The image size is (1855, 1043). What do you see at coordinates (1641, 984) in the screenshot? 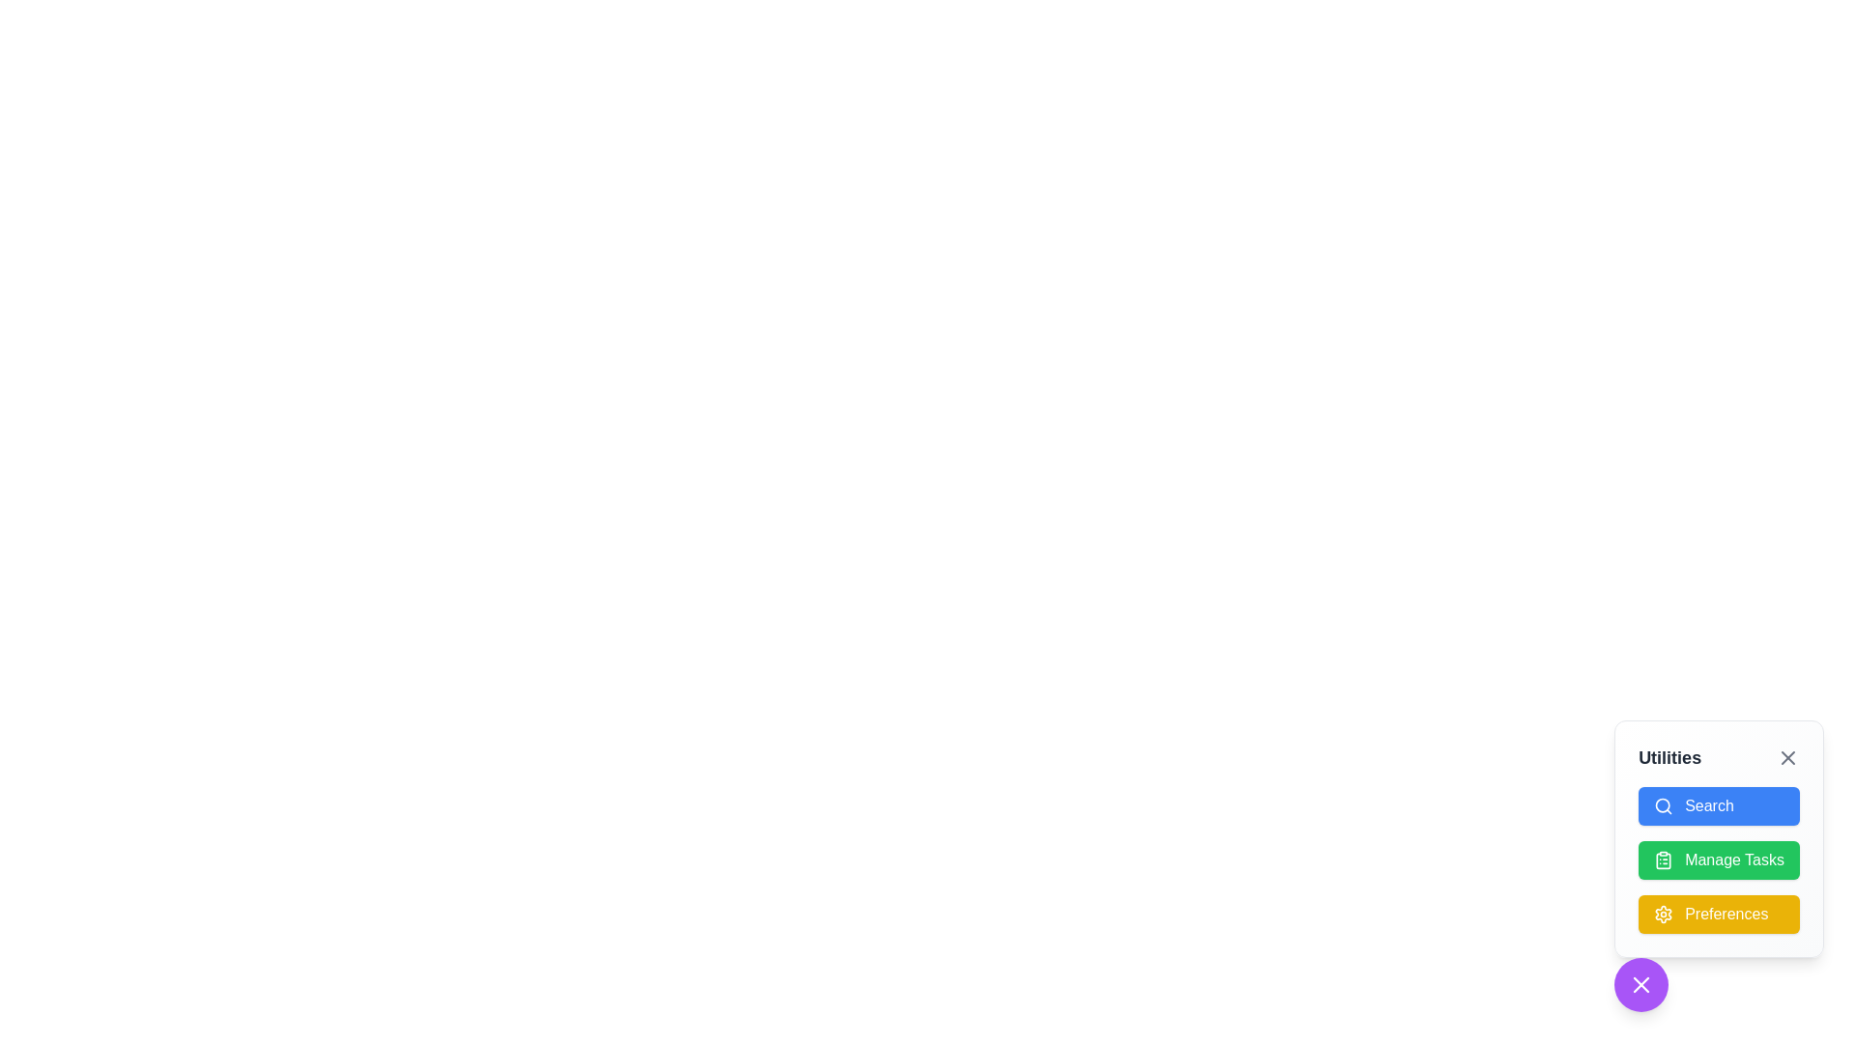
I see `the 'X' icon button inside the circular purple button located in the bottom-right corner of the Utilities popup for keyboard interaction` at bounding box center [1641, 984].